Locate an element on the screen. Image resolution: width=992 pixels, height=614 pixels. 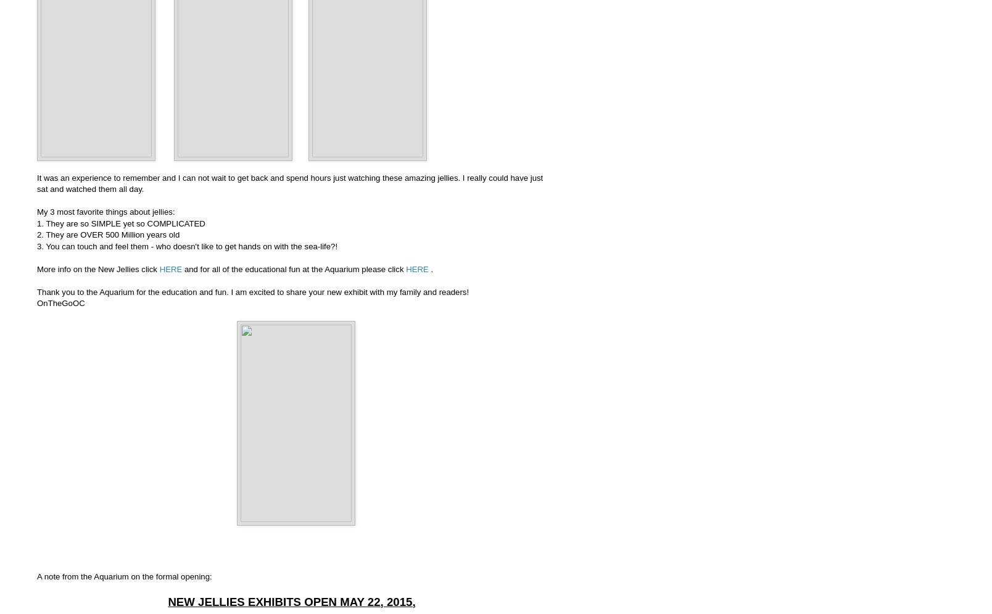
'NEW JELLIES EXHIBITS OPEN MAY 22, 2015,' is located at coordinates (291, 600).